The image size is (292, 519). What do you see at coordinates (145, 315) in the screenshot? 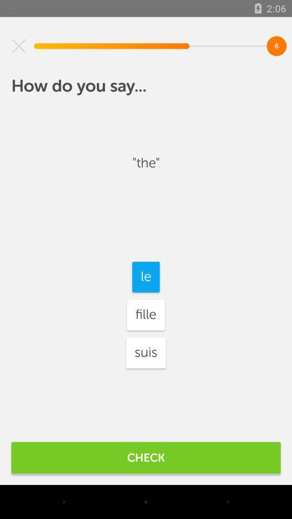
I see `icon above suis` at bounding box center [145, 315].